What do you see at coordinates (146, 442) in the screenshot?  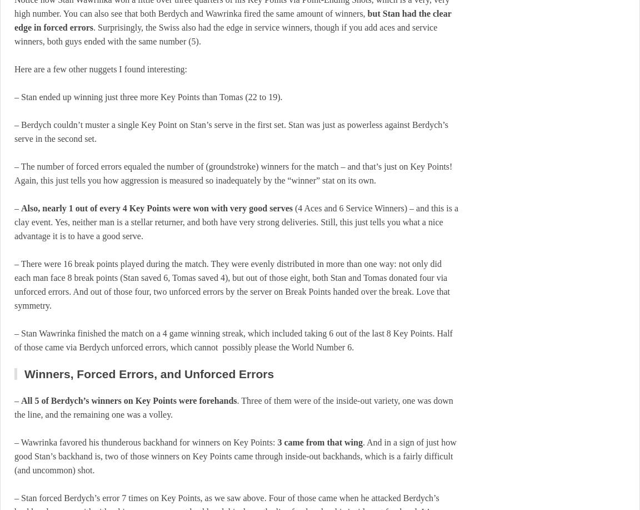 I see `'– Wawrinka favored his thunderous backhand for winners on Key Points:'` at bounding box center [146, 442].